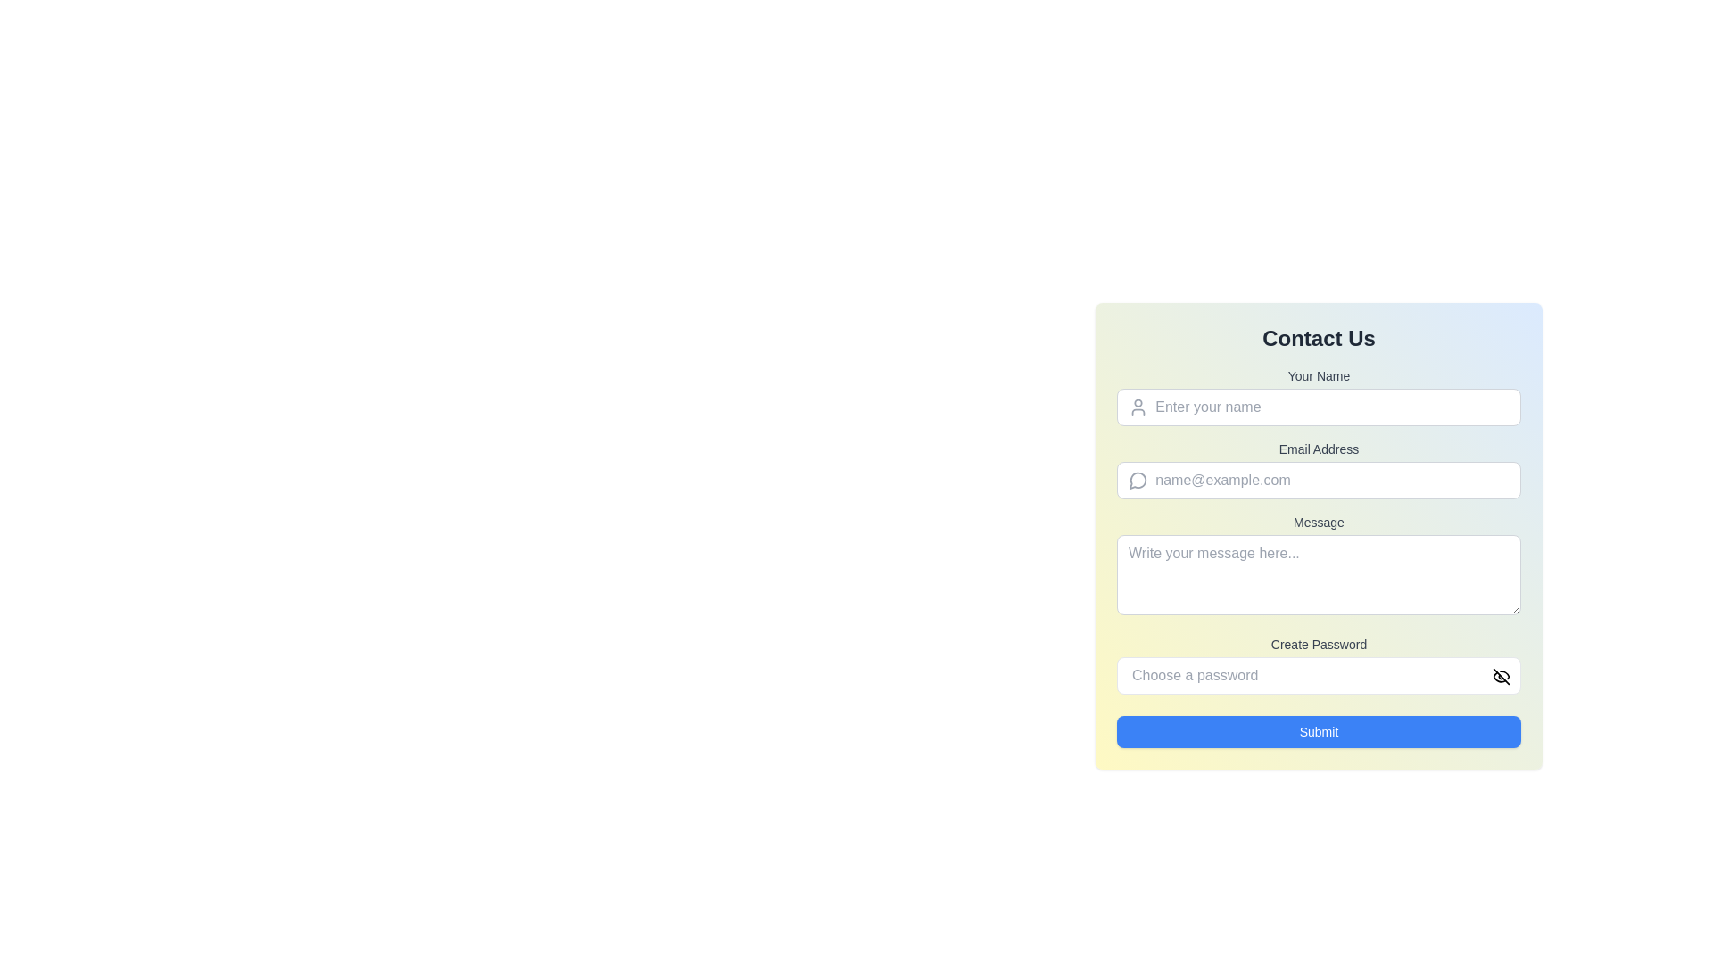  Describe the element at coordinates (1319, 522) in the screenshot. I see `the text label displaying 'Message', which is styled with a small font size and medium weight, located above the multiline text input field` at that location.